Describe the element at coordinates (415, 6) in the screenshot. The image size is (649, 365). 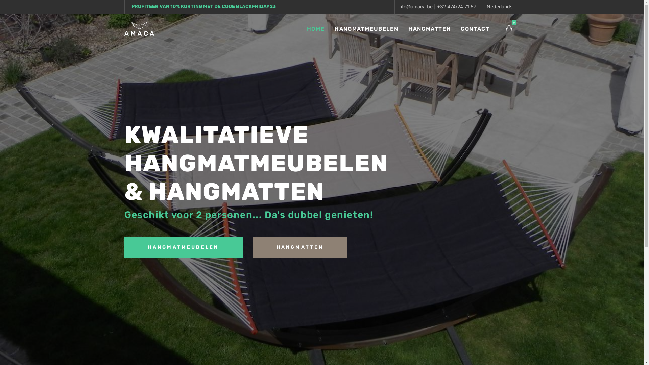
I see `'info@amaca.be'` at that location.